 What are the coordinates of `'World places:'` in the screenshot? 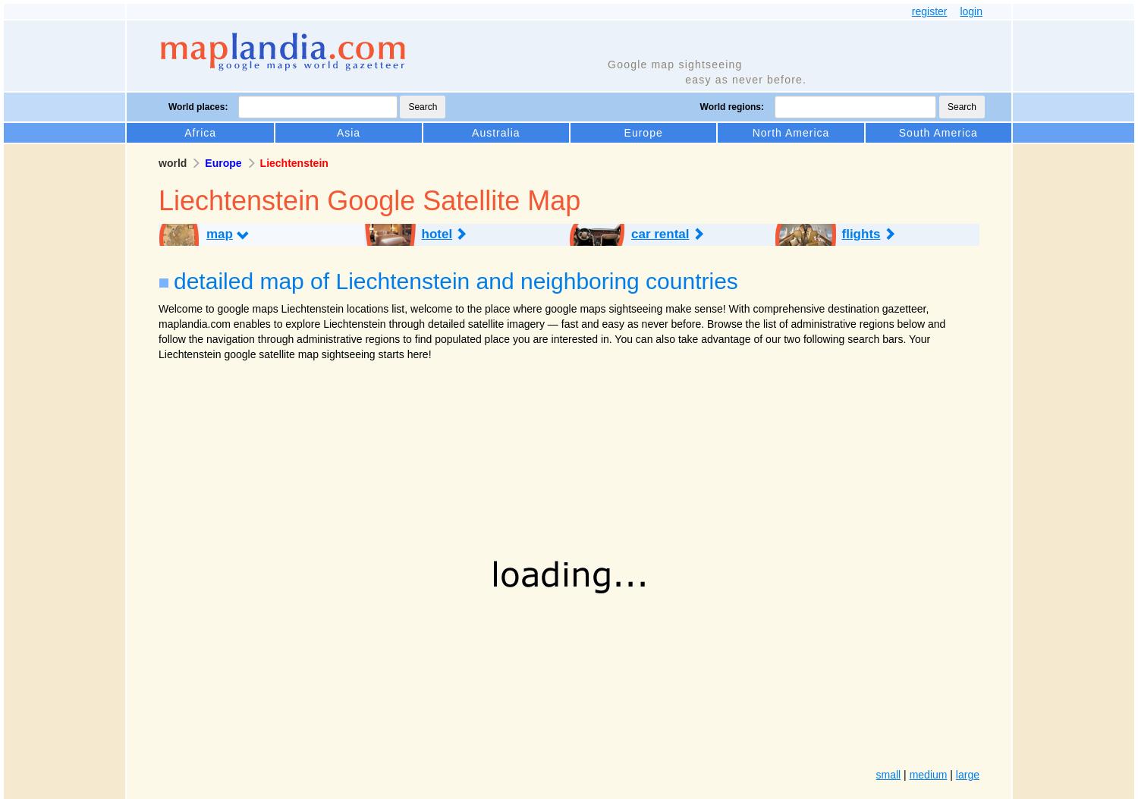 It's located at (198, 106).